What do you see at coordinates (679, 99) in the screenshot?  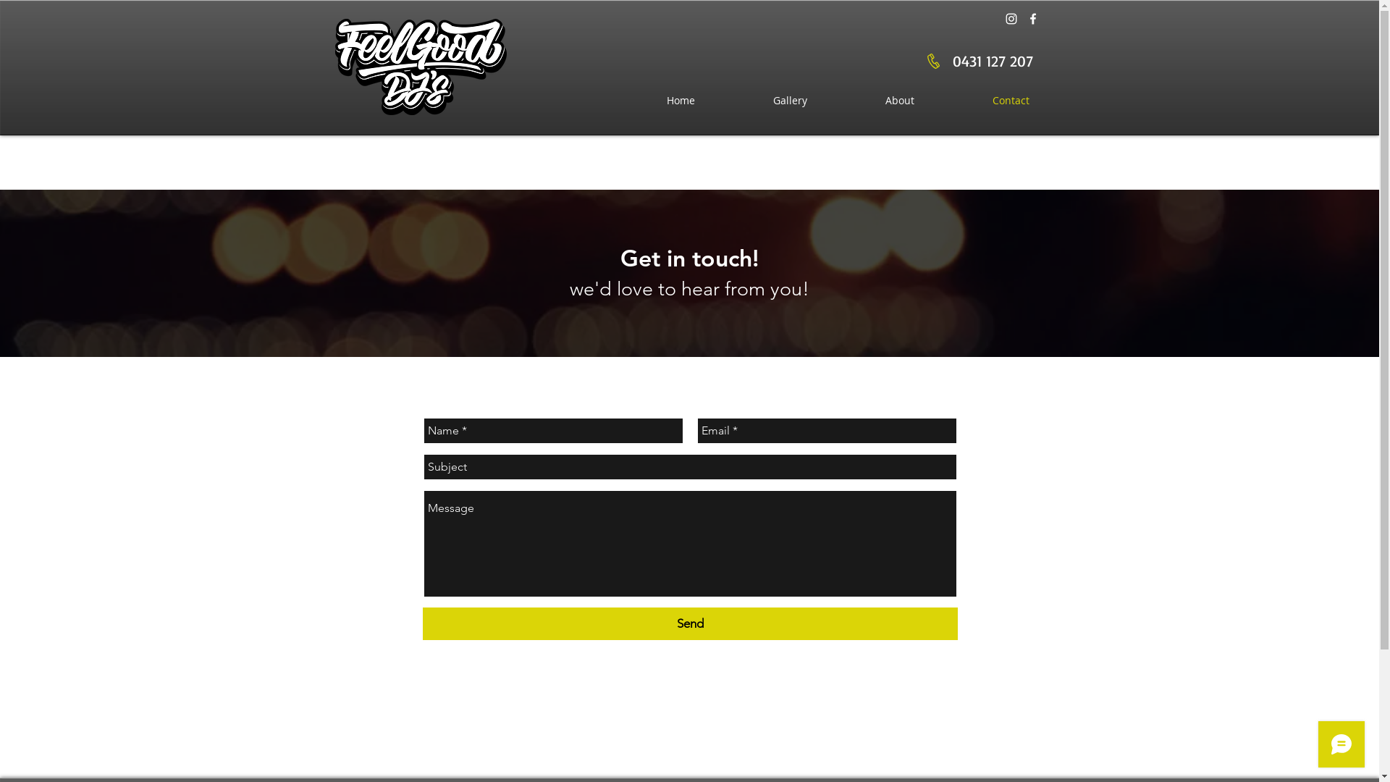 I see `'Home'` at bounding box center [679, 99].